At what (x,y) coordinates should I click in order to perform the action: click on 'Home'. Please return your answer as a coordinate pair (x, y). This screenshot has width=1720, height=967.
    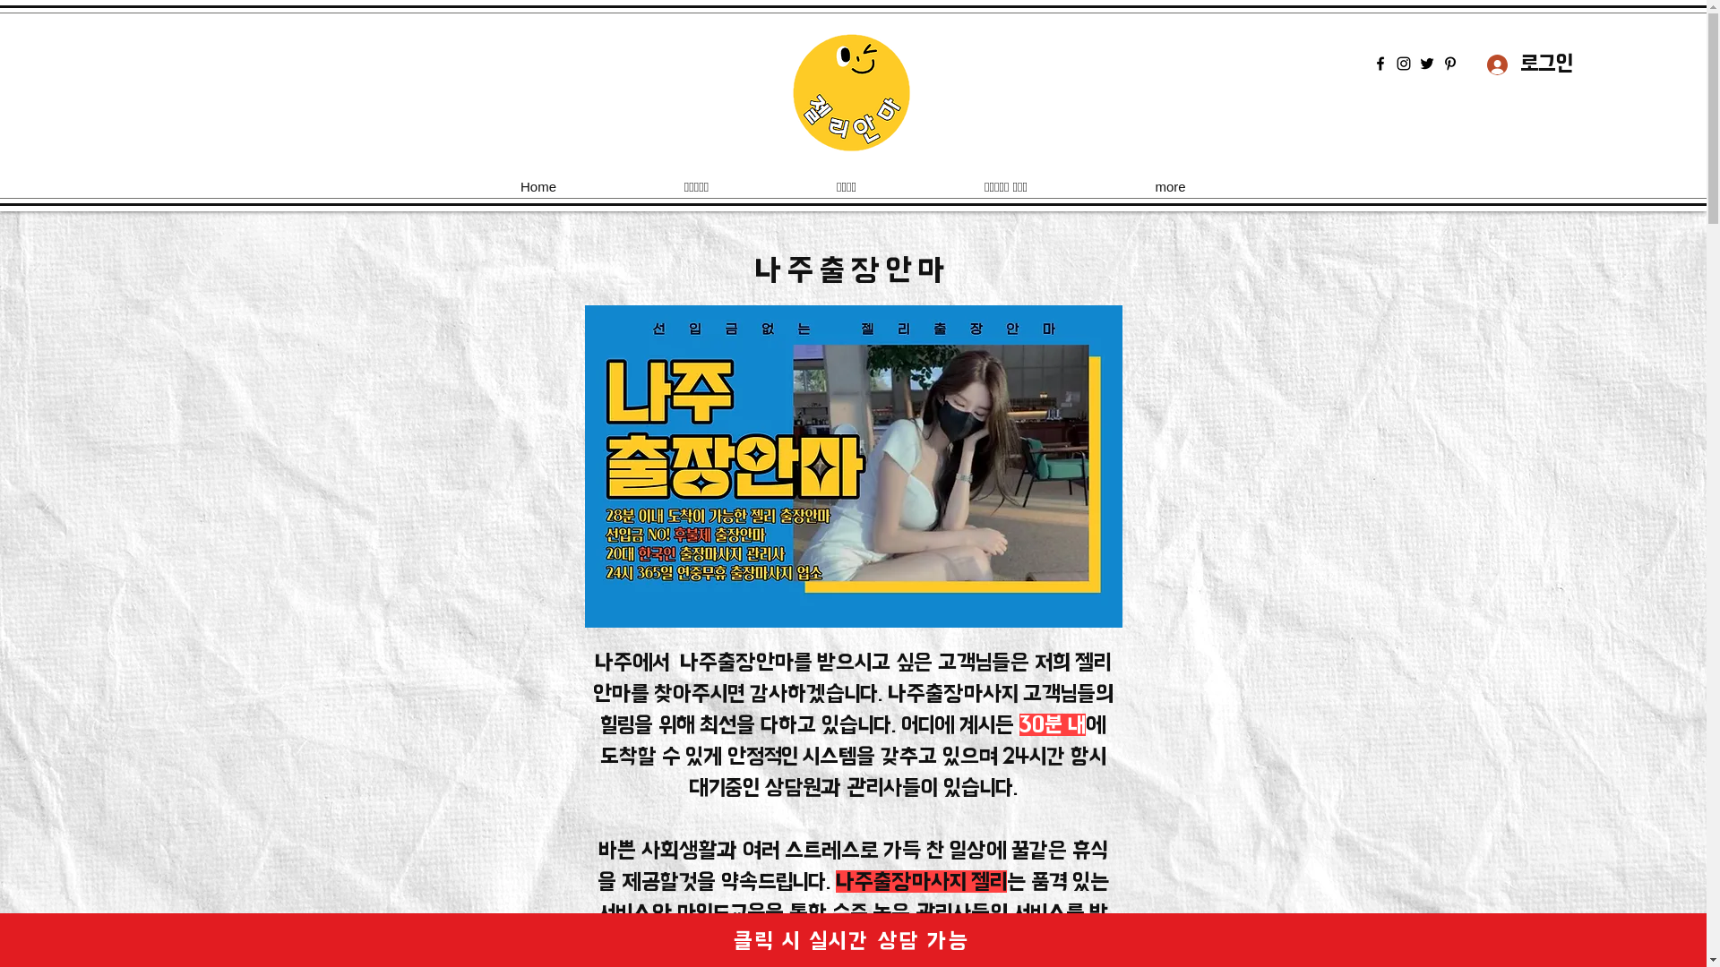
    Looking at the image, I should click on (537, 186).